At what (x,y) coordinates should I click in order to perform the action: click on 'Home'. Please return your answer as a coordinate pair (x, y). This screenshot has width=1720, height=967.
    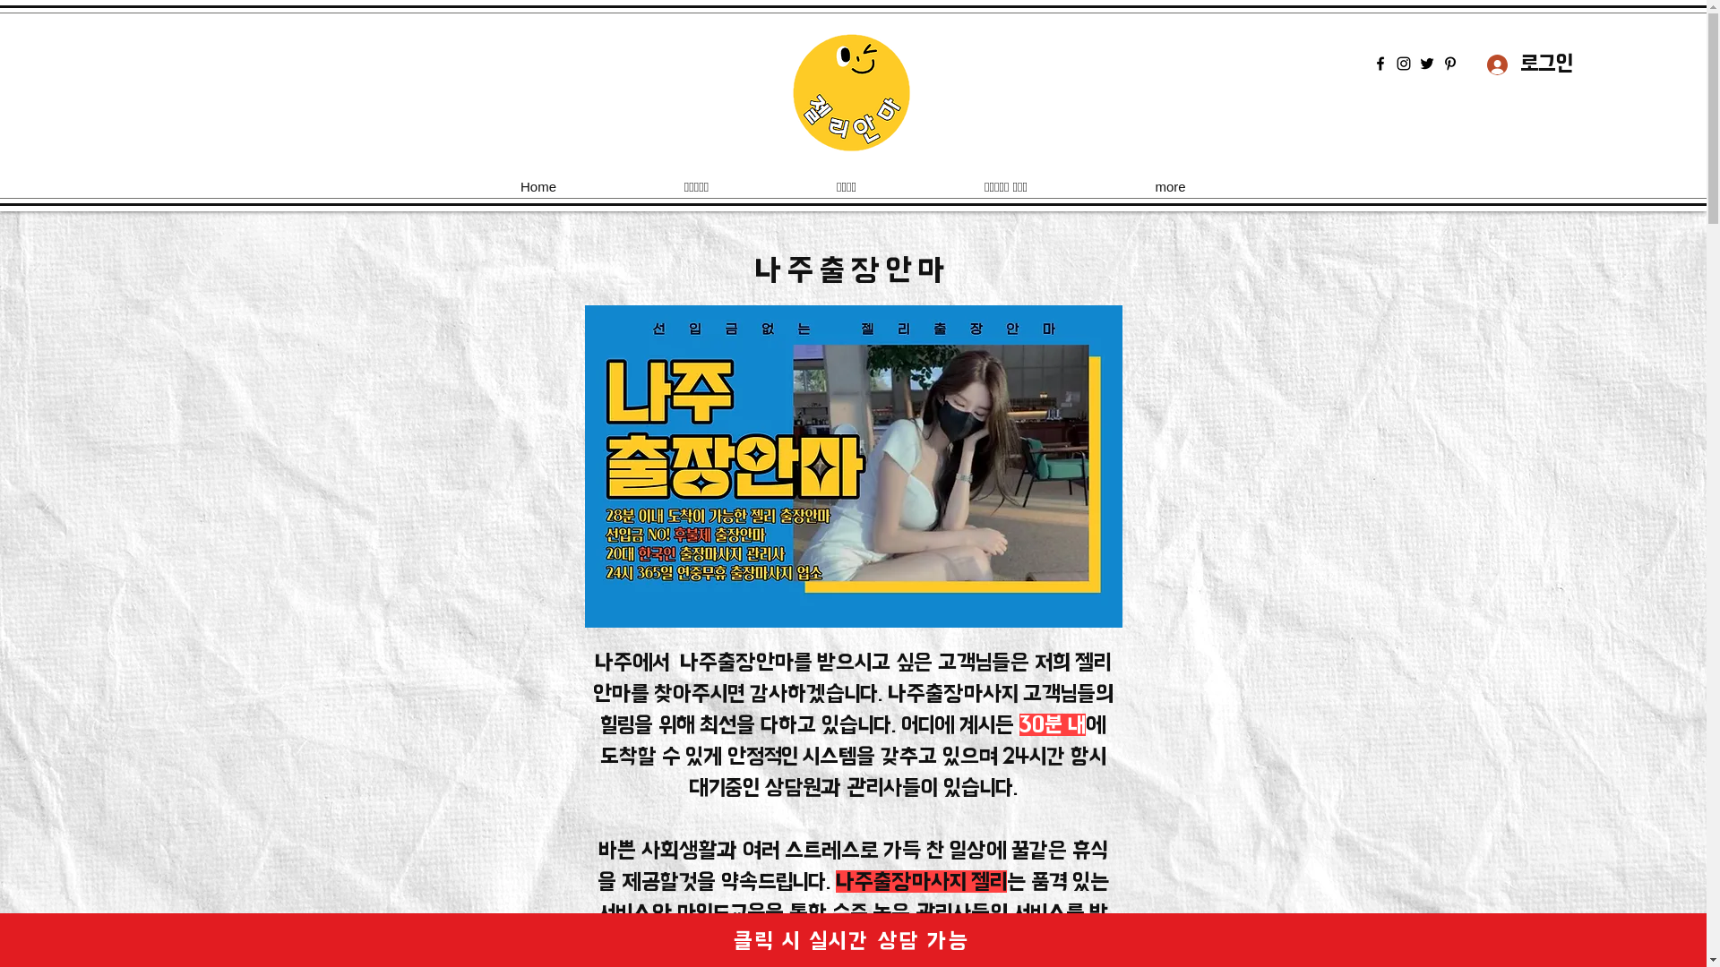
    Looking at the image, I should click on (537, 186).